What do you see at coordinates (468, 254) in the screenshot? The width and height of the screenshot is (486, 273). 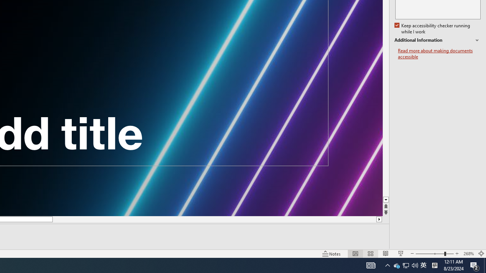 I see `'Zoom 268%'` at bounding box center [468, 254].